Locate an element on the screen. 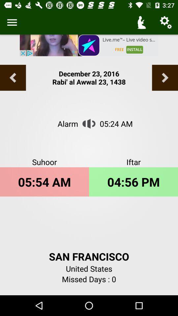 The width and height of the screenshot is (178, 316). the arrow_backward icon is located at coordinates (13, 78).